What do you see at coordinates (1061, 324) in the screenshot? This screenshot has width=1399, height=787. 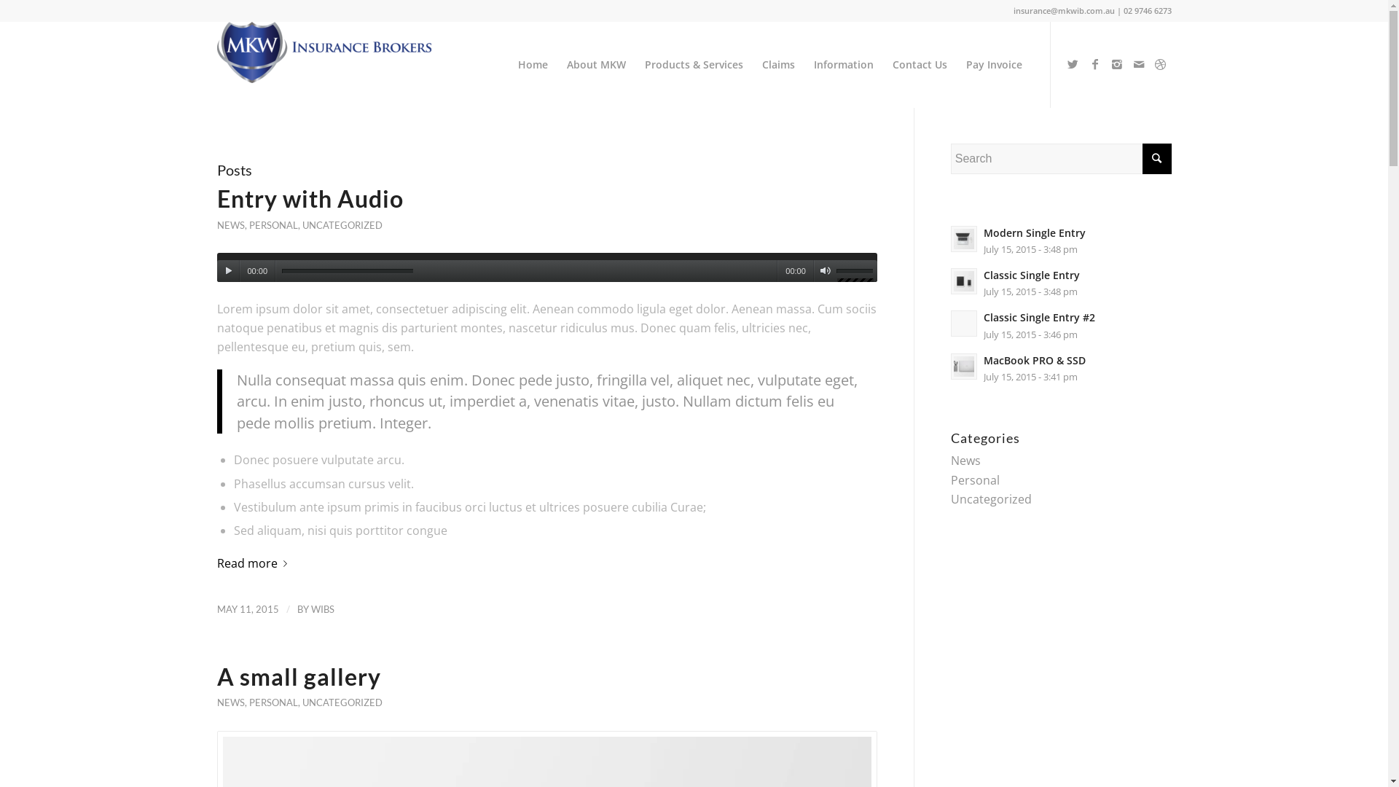 I see `'Classic Single Entry #2` at bounding box center [1061, 324].